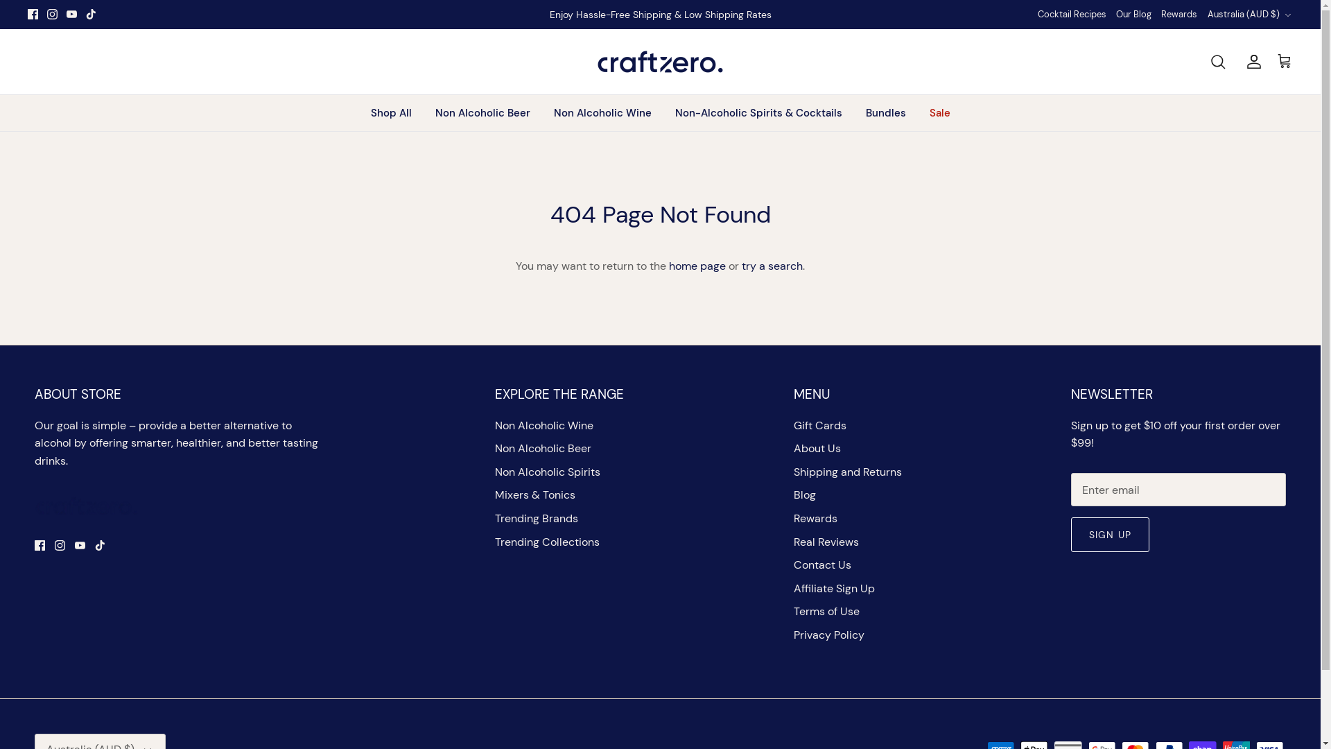 The width and height of the screenshot is (1331, 749). Describe the element at coordinates (817, 448) in the screenshot. I see `'About Us'` at that location.